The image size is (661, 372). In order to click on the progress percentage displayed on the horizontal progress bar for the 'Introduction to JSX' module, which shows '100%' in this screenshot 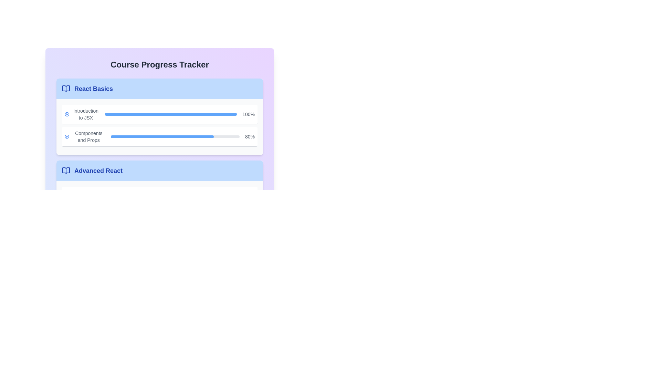, I will do `click(159, 114)`.